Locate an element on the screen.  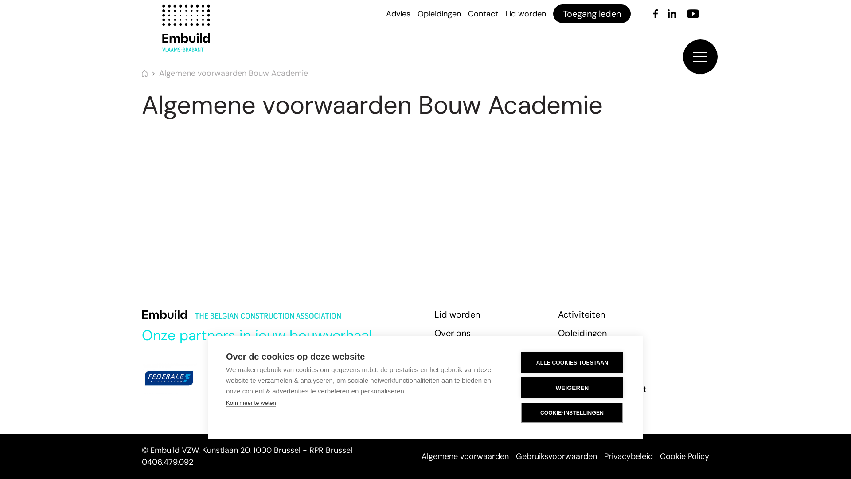
'ALLE COOKIES TOESTAAN' is located at coordinates (572, 362).